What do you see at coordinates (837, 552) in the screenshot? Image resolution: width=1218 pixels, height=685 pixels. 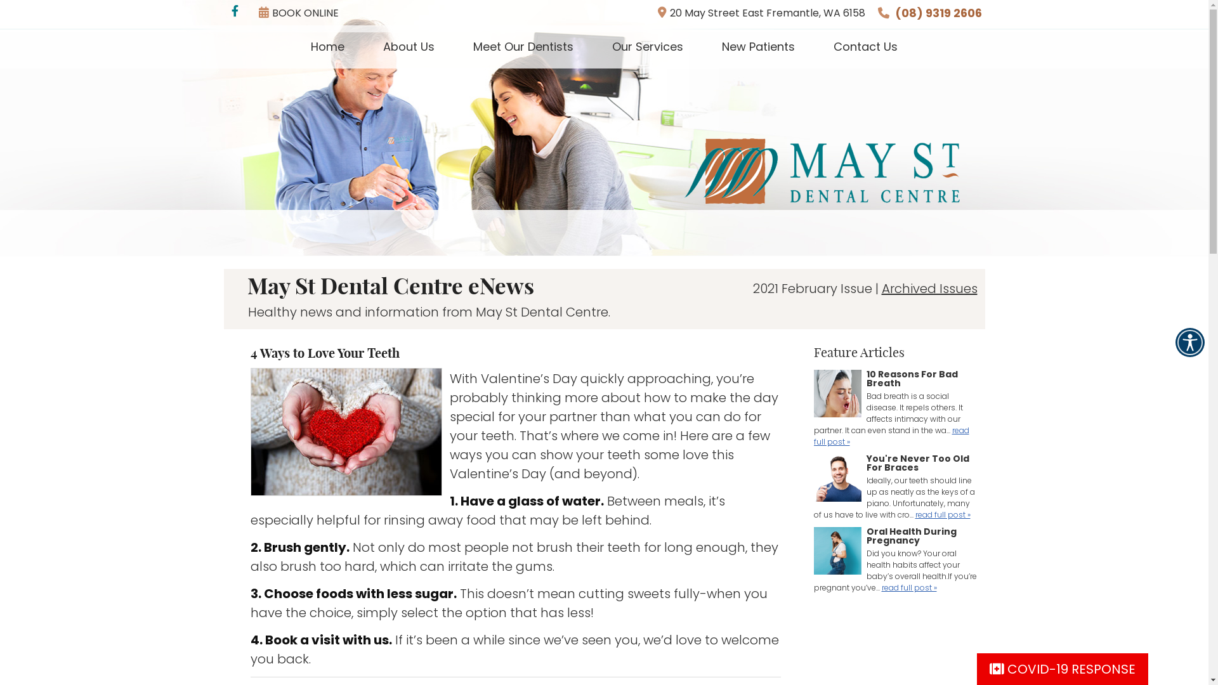 I see `'Oral Health During Pregnancy'` at bounding box center [837, 552].